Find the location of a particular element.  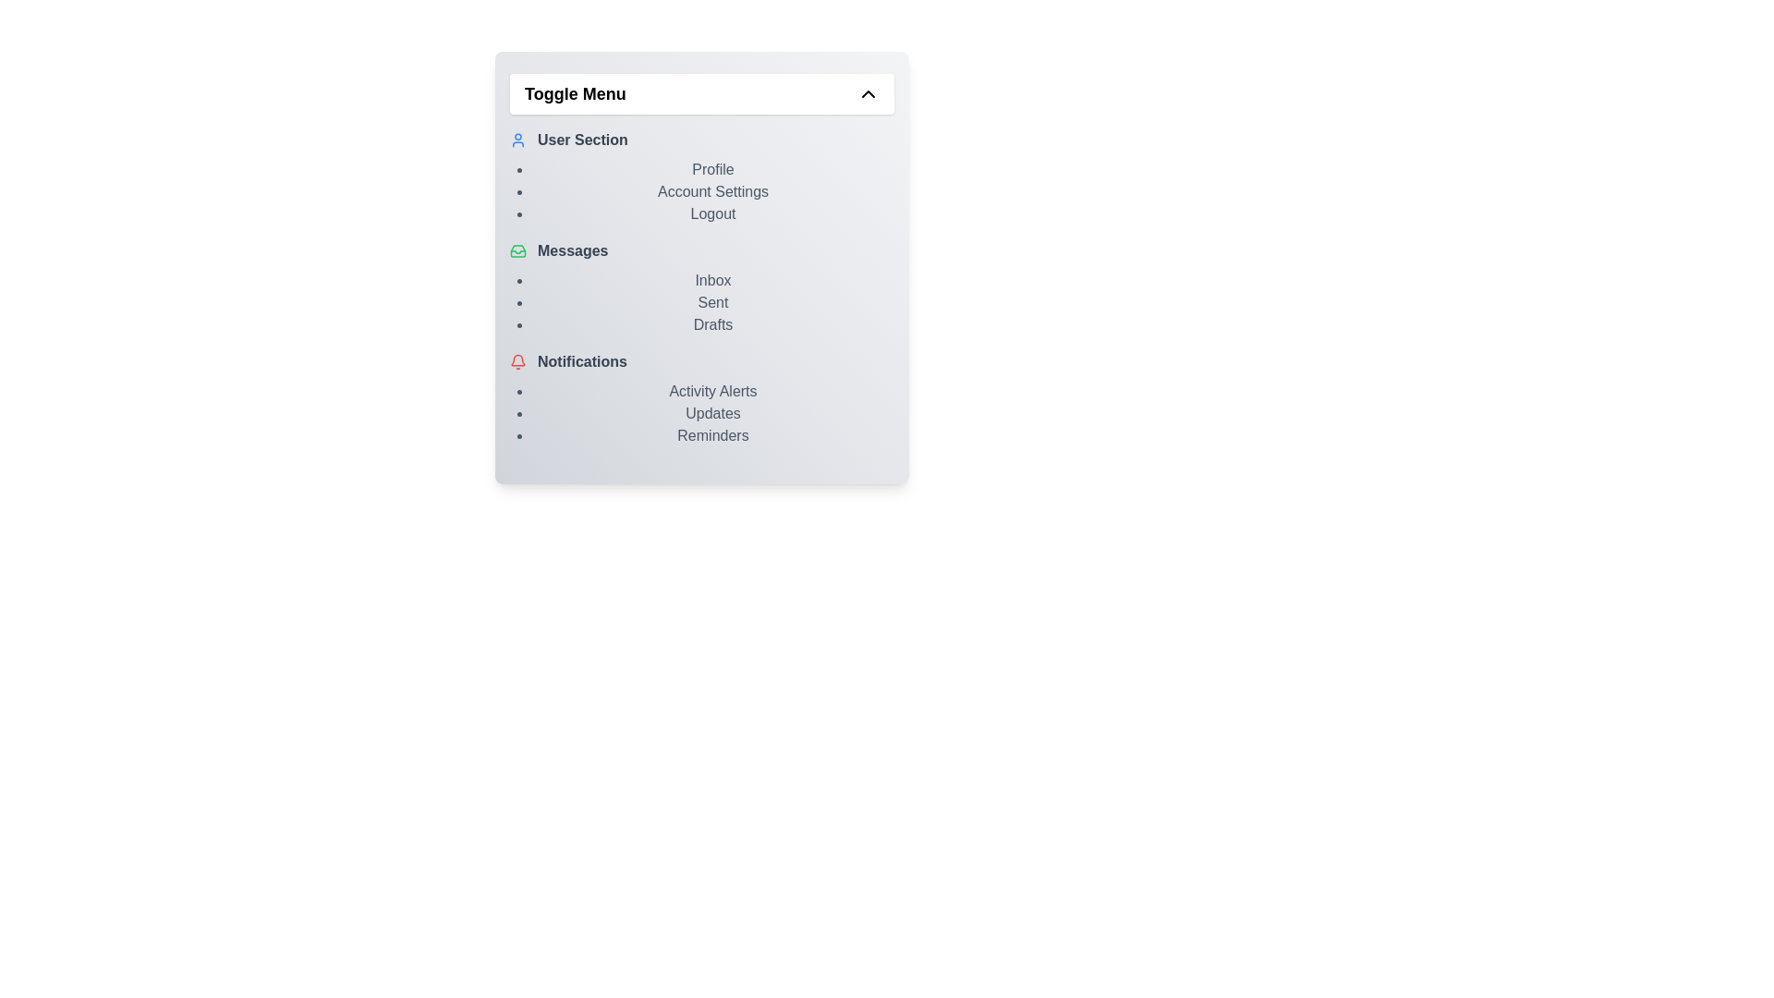

the element labeled 'Messages' to observe its hover effect is located at coordinates (700, 251).